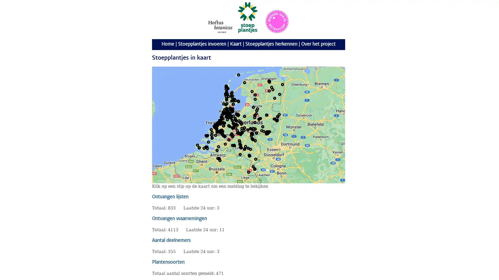 The width and height of the screenshot is (499, 280). What do you see at coordinates (255, 129) in the screenshot?
I see `Telling van C. Van hoften op 05 november 2021` at bounding box center [255, 129].